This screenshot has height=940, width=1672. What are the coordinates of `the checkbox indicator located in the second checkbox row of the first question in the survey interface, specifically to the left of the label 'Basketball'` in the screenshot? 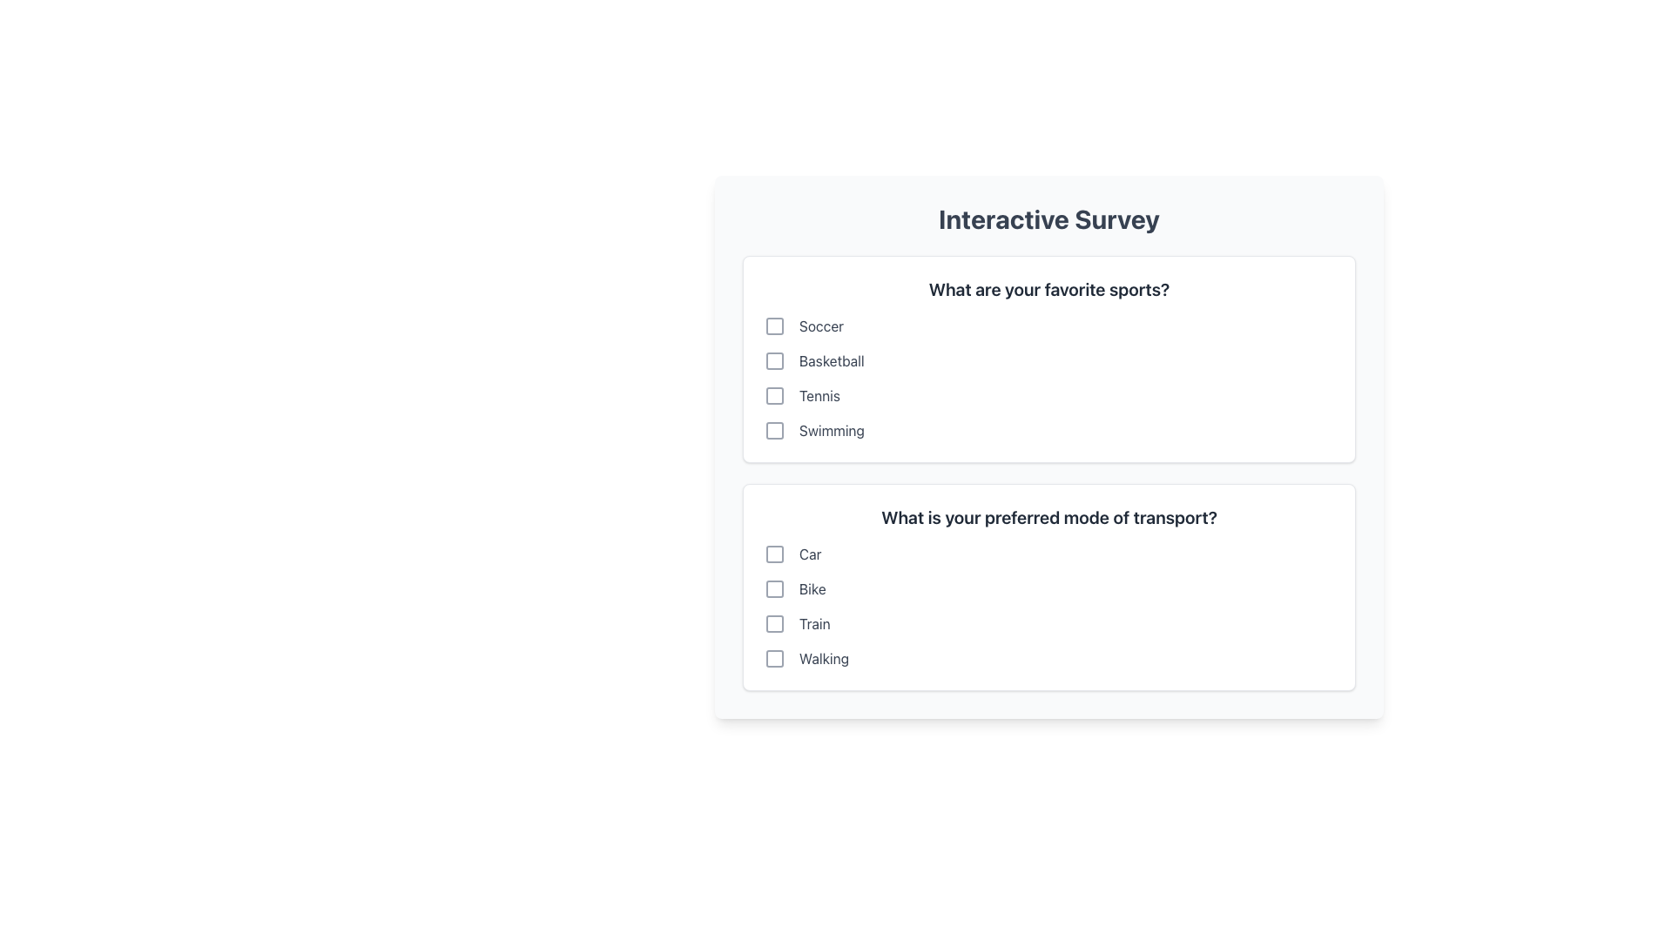 It's located at (773, 360).